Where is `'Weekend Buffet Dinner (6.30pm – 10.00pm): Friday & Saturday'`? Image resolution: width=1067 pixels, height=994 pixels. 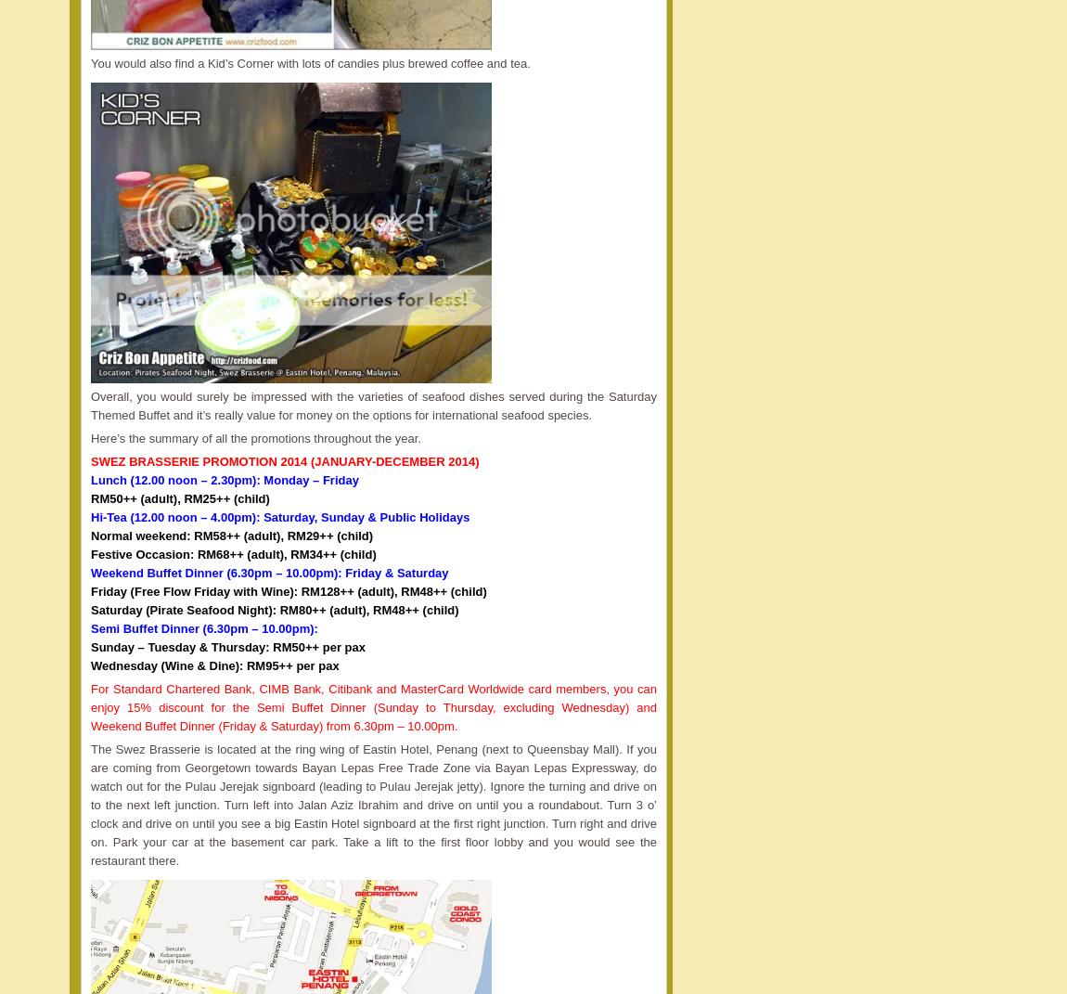 'Weekend Buffet Dinner (6.30pm – 10.00pm): Friday & Saturday' is located at coordinates (269, 572).